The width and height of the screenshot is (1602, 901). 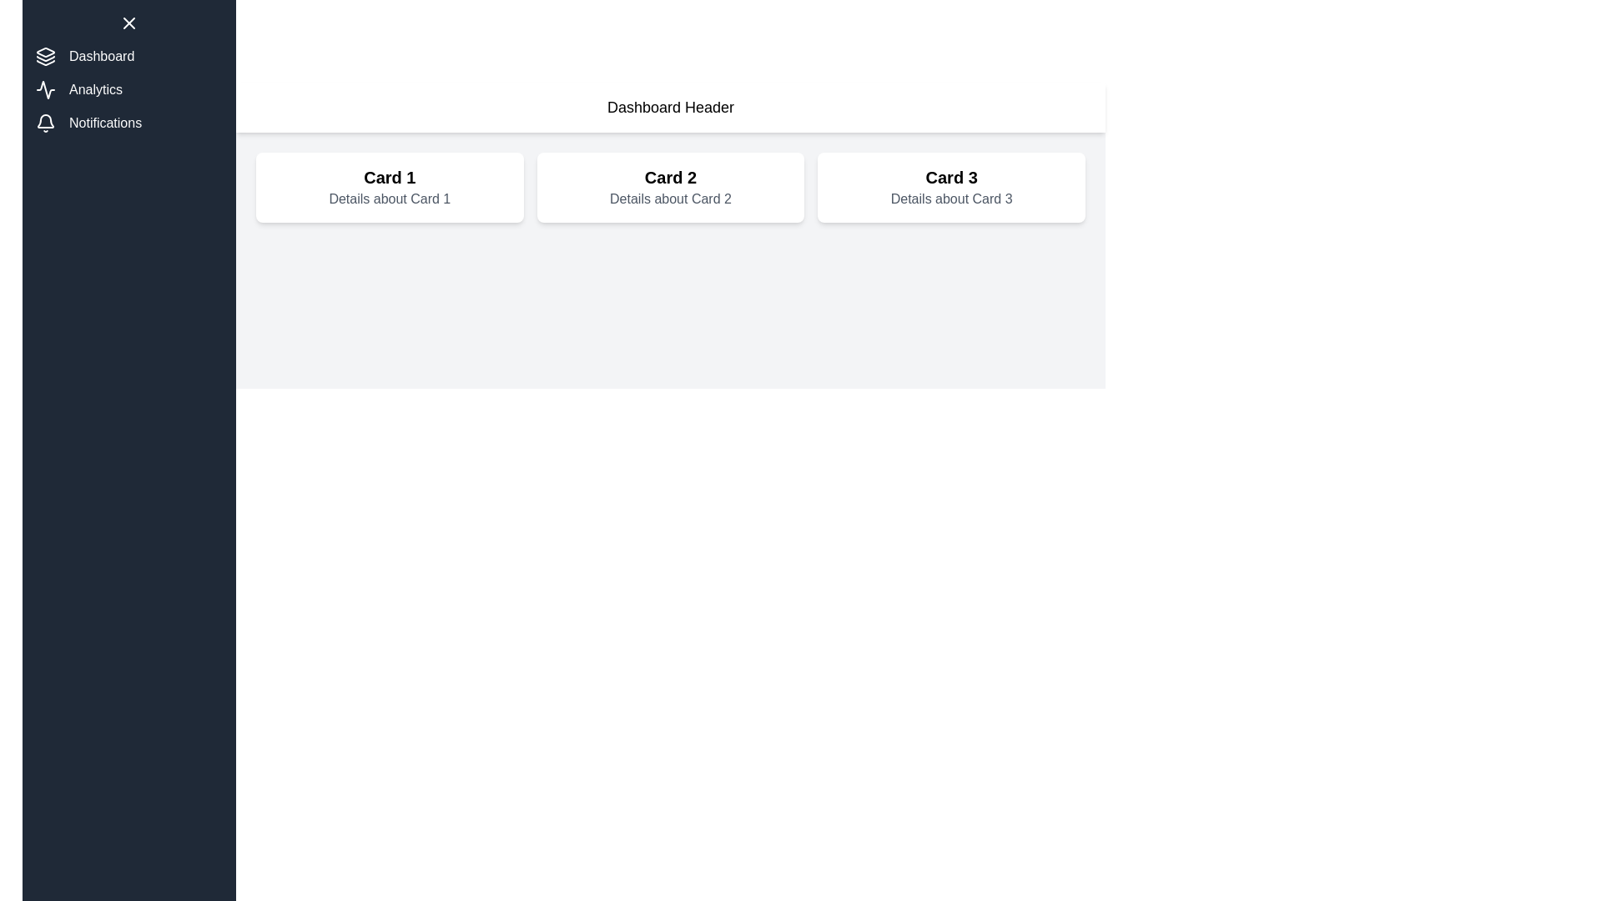 I want to click on text 'Dashboard Header' displayed inside the header element, which is a rectangular area with a white background at the top of the main content section, so click(x=671, y=107).